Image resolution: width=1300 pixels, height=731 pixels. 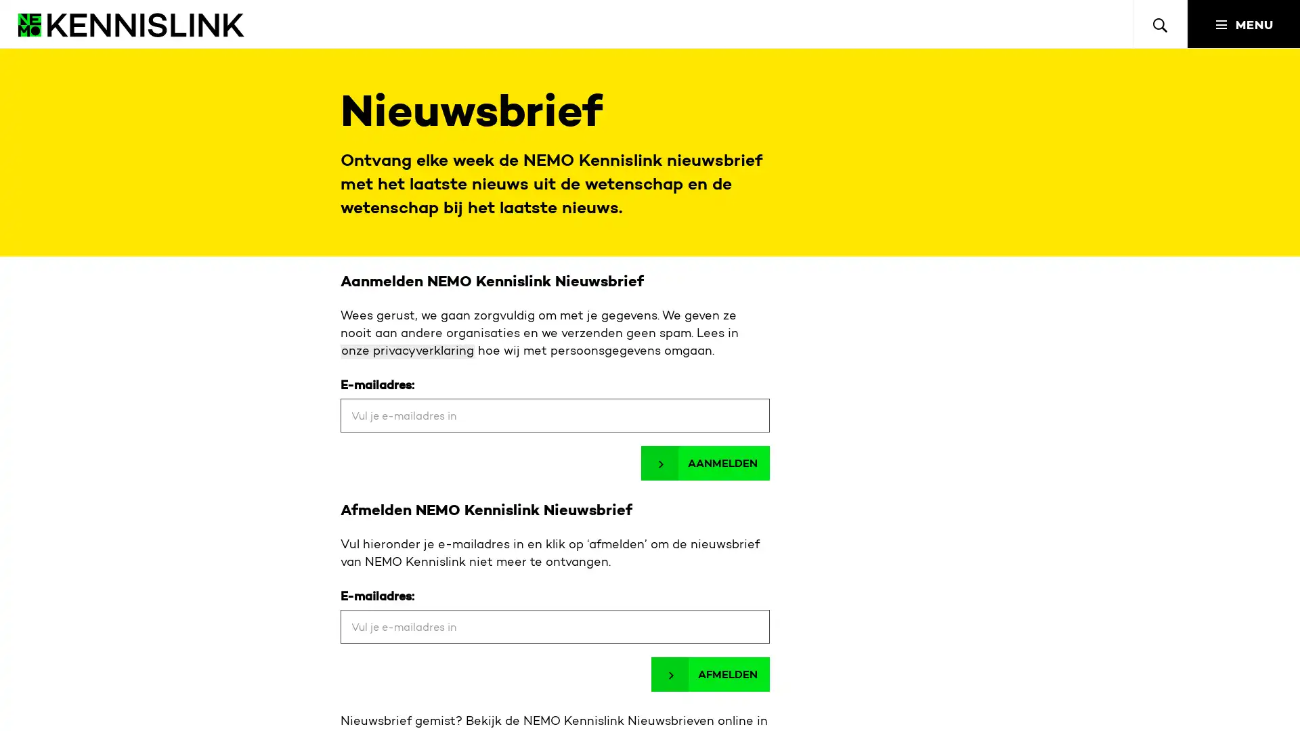 I want to click on AANMELDEN, so click(x=704, y=462).